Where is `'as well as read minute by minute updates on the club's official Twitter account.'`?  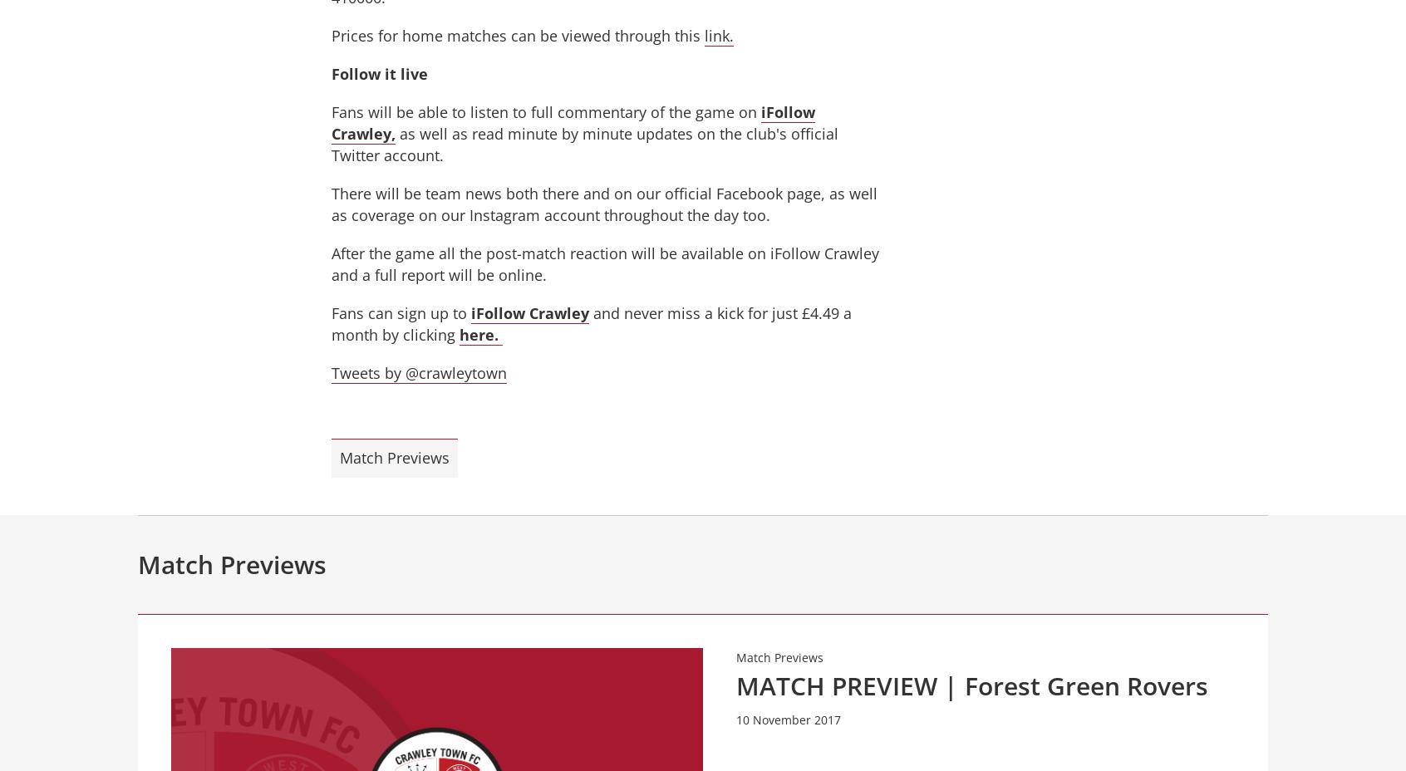 'as well as read minute by minute updates on the club's official Twitter account.' is located at coordinates (585, 143).